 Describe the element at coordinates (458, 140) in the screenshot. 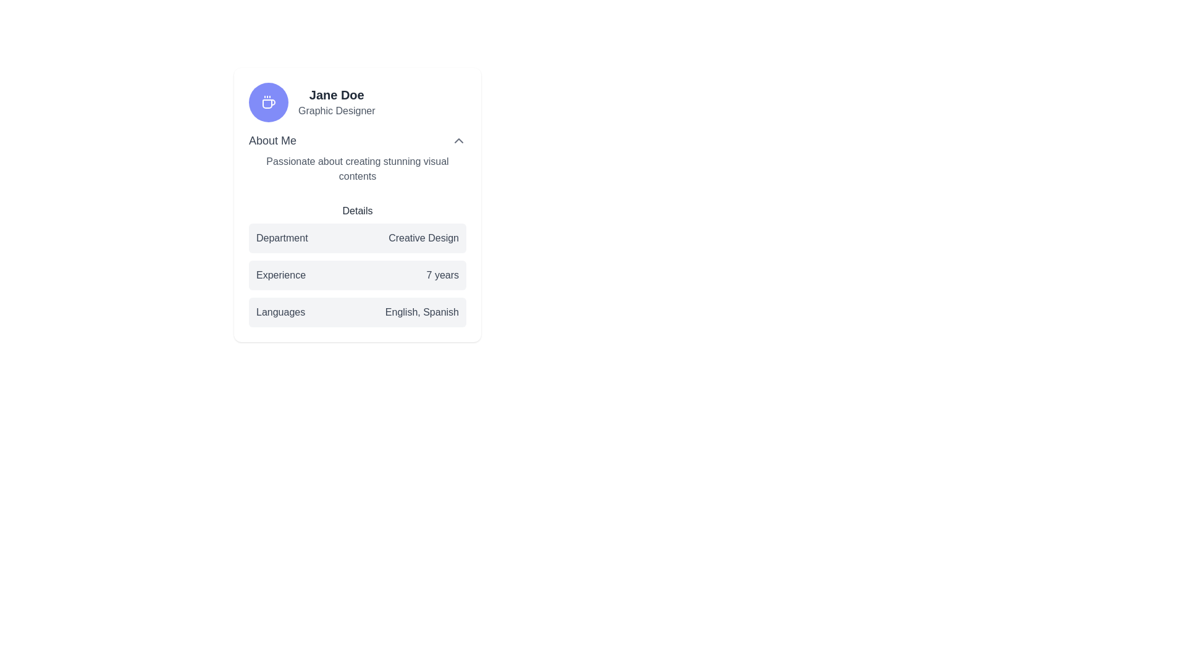

I see `the upward-pointing chevron icon located in the right upper corner of the panel above the 'About Me' text` at that location.